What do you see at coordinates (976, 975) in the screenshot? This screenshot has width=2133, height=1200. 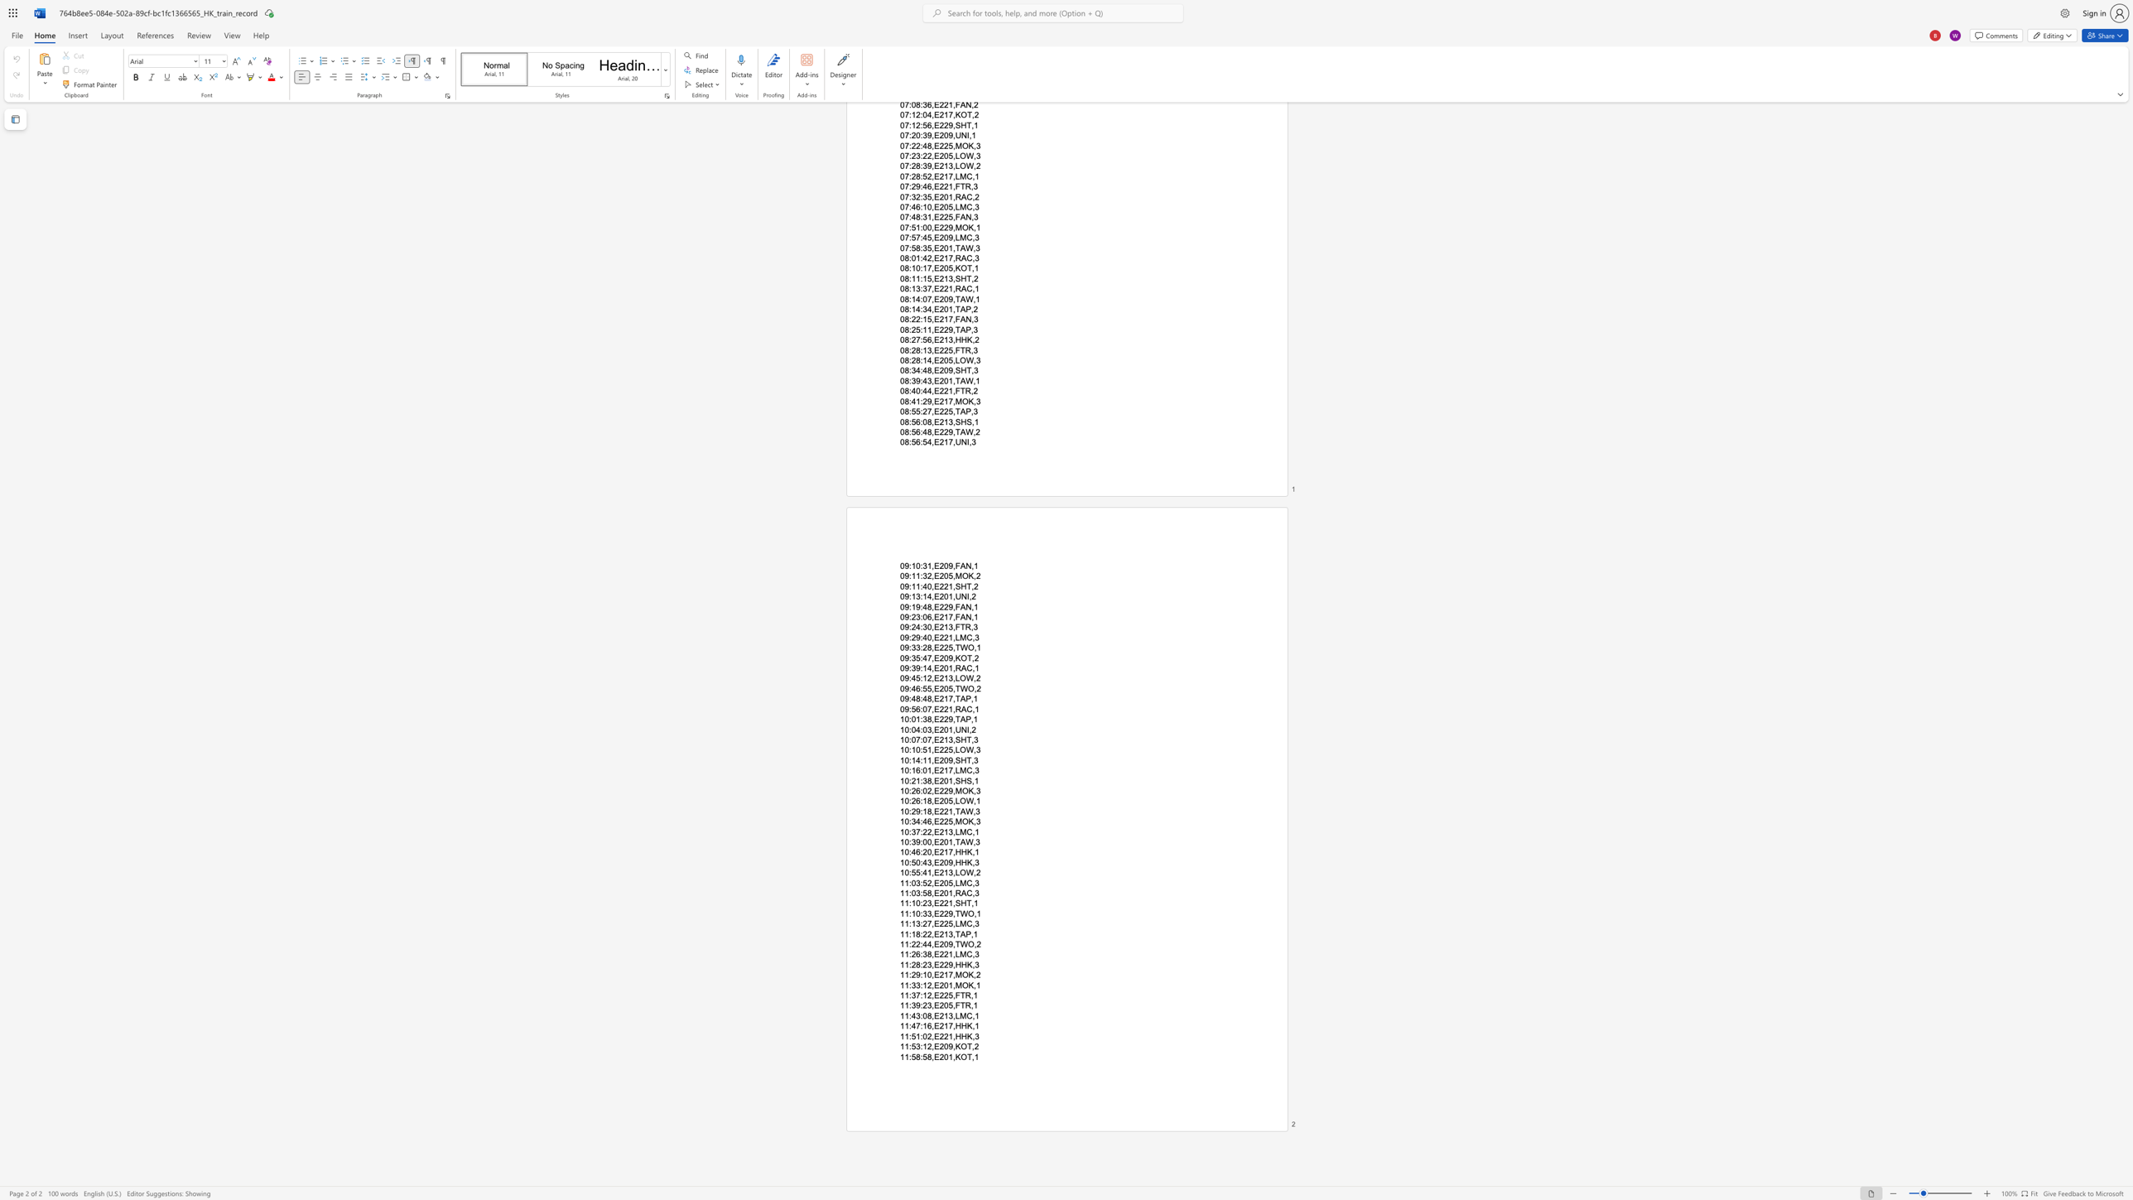 I see `the space between the continuous character "," and "2" in the text` at bounding box center [976, 975].